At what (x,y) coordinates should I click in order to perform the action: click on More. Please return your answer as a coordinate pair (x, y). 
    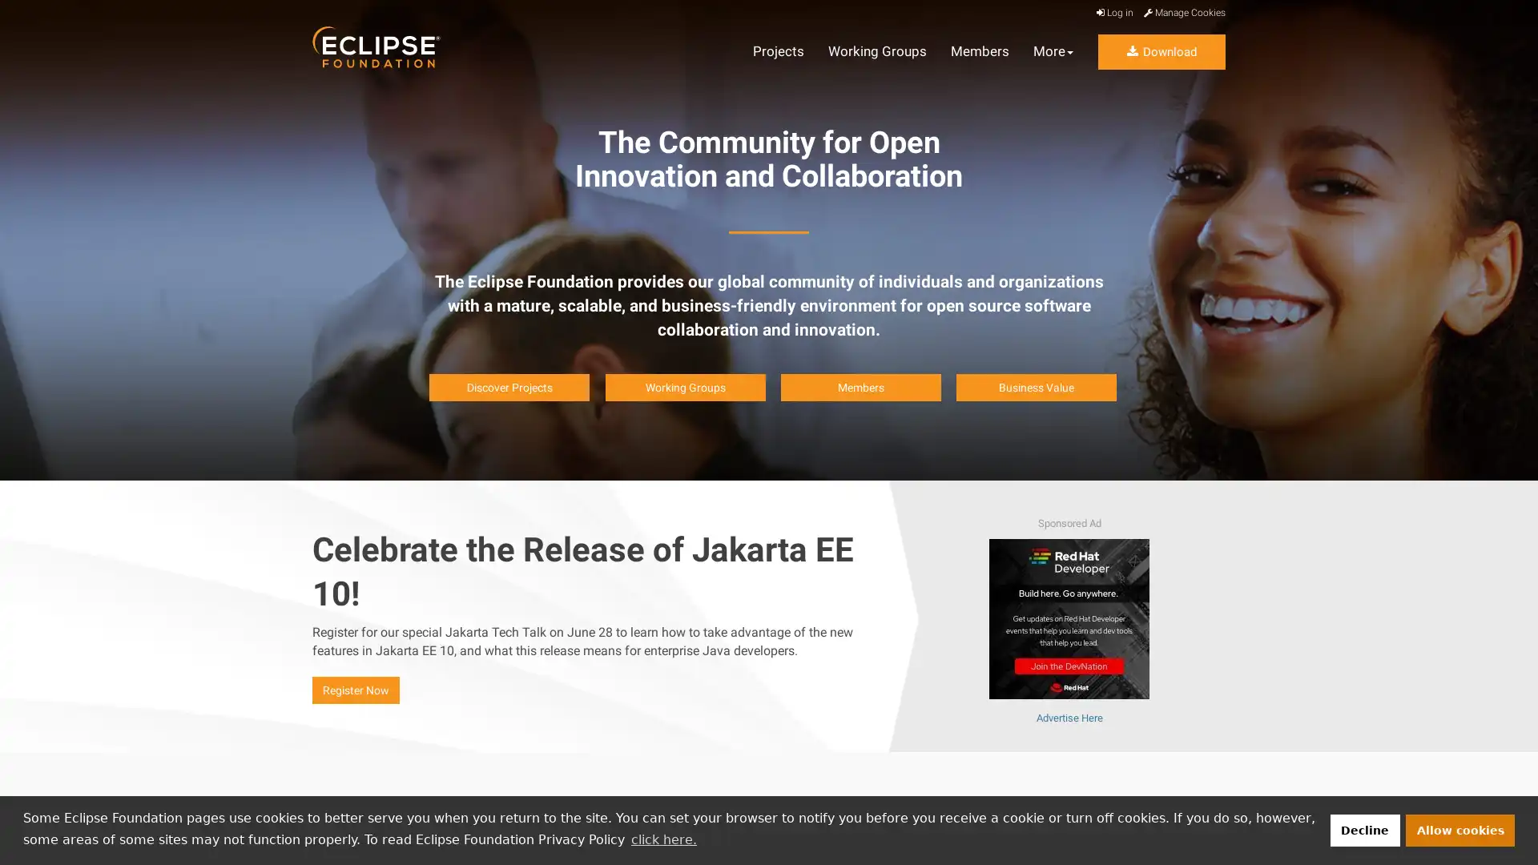
    Looking at the image, I should click on (1053, 51).